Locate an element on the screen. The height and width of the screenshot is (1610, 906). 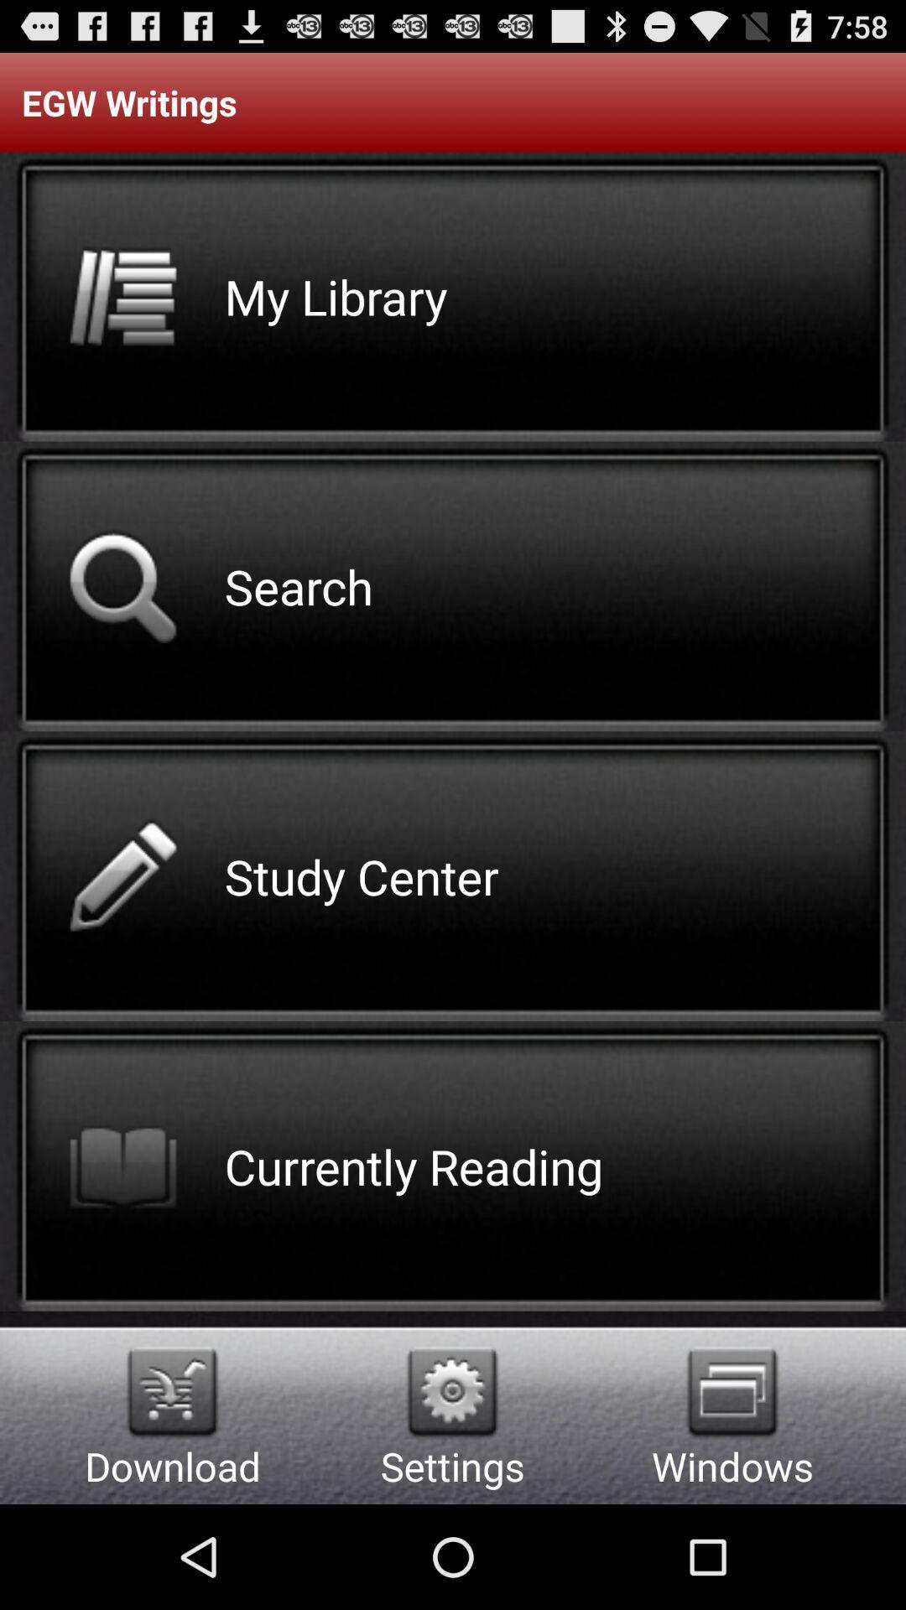
the icon above the windows is located at coordinates (732, 1392).